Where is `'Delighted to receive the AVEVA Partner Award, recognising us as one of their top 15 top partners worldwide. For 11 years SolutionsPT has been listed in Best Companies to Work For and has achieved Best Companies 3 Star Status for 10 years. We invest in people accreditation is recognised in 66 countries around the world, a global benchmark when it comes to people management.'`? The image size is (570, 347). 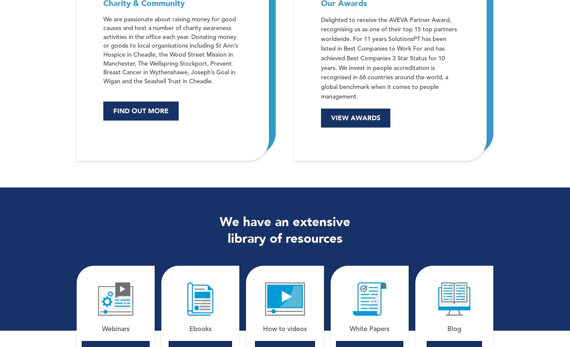
'Delighted to receive the AVEVA Partner Award, recognising us as one of their top 15 top partners worldwide. For 11 years SolutionsPT has been listed in Best Companies to Work For and has achieved Best Companies 3 Star Status for 10 years. We invest in people accreditation is recognised in 66 countries around the world, a global benchmark when it comes to people management.' is located at coordinates (388, 58).